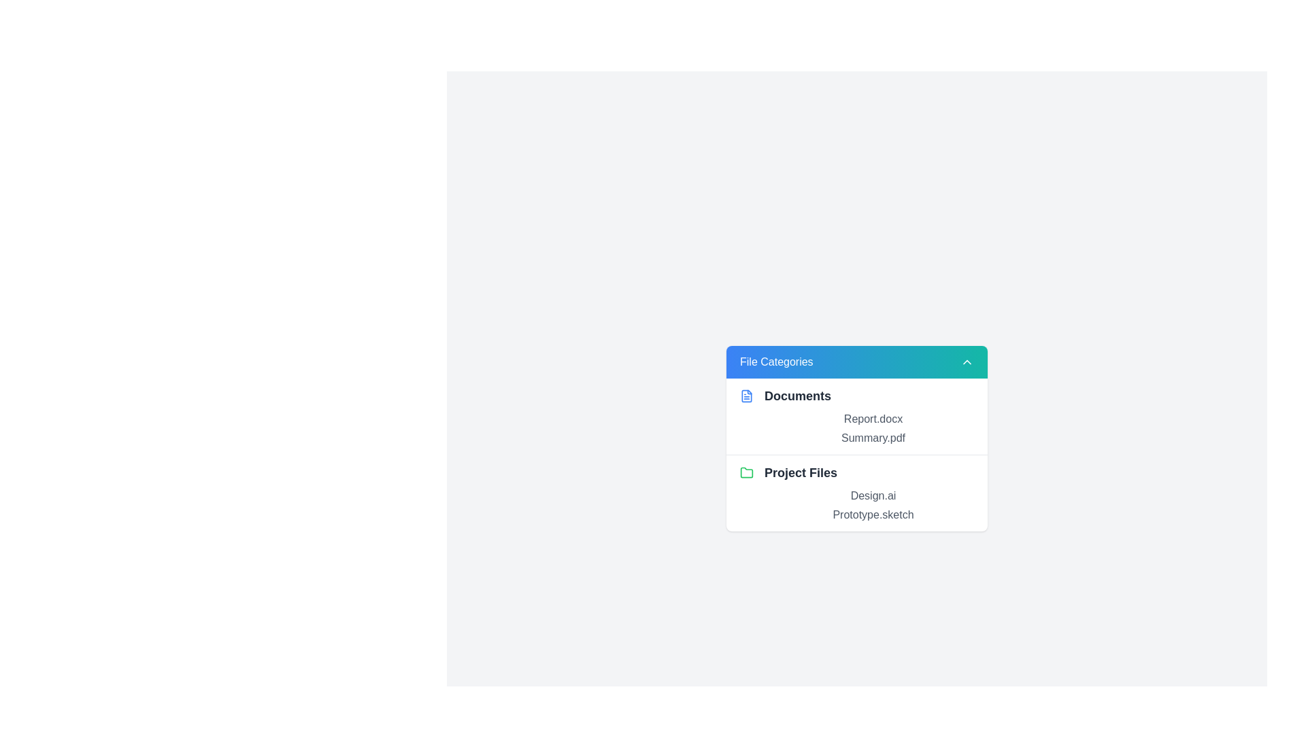 This screenshot has width=1306, height=734. Describe the element at coordinates (873, 495) in the screenshot. I see `the text entry labeled 'Design.ai' which is the first item under the 'Project Files' section` at that location.